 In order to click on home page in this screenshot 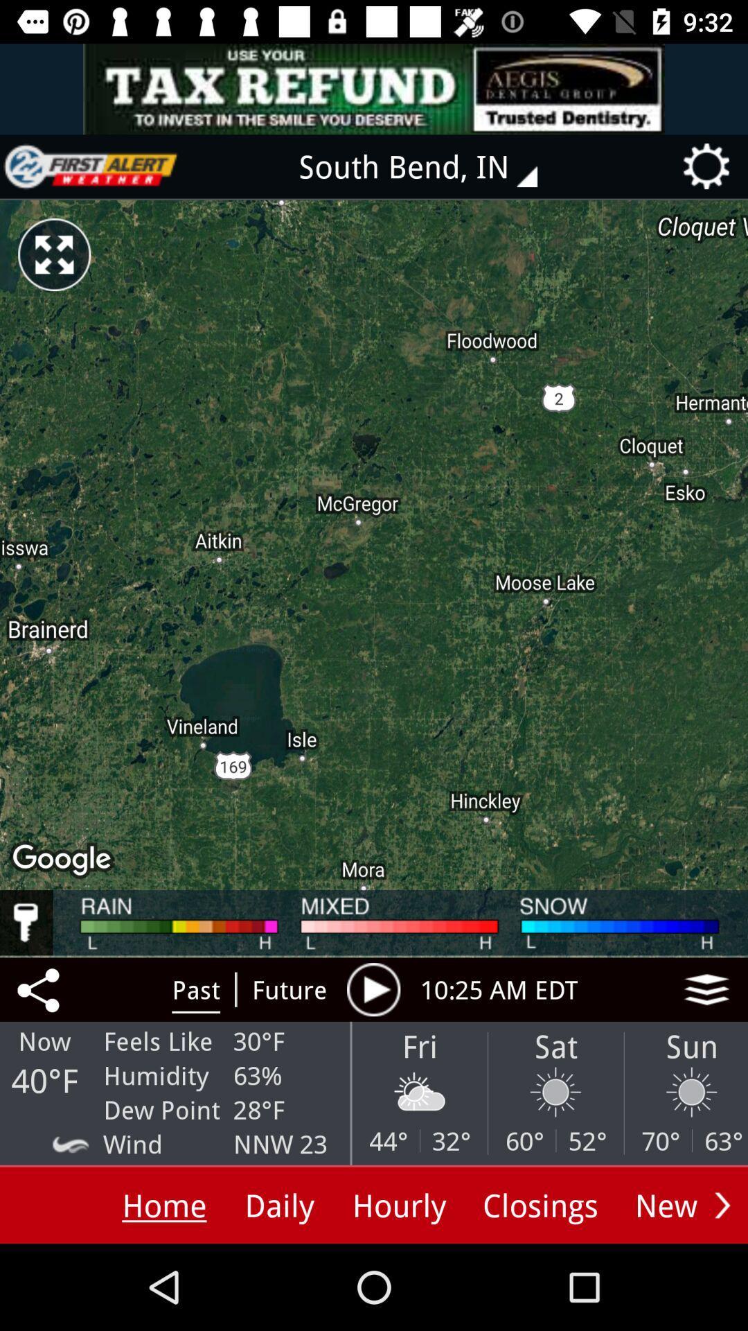, I will do `click(91, 166)`.